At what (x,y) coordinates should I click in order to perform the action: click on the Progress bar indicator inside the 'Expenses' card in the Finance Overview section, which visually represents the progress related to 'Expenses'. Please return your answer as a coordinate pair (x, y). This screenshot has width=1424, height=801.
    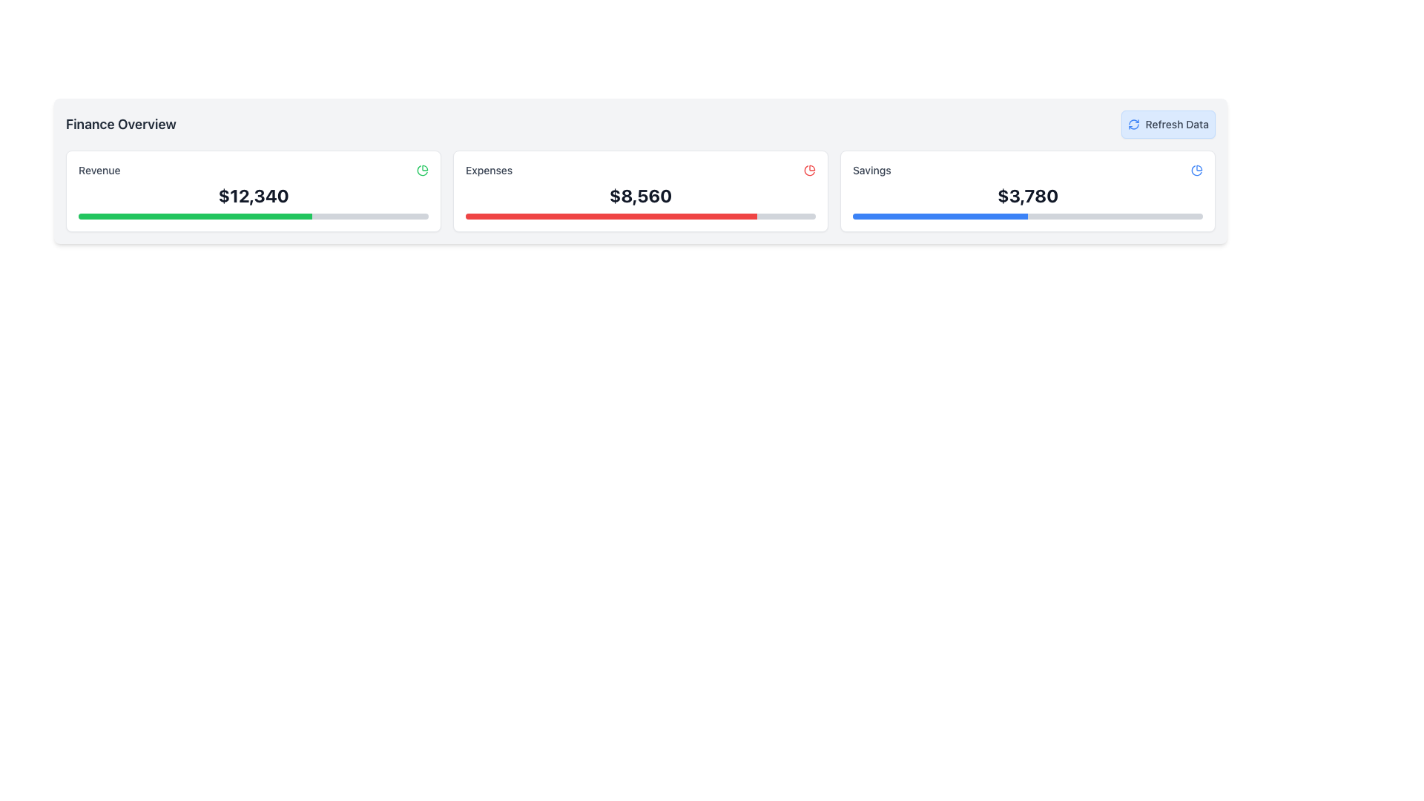
    Looking at the image, I should click on (611, 217).